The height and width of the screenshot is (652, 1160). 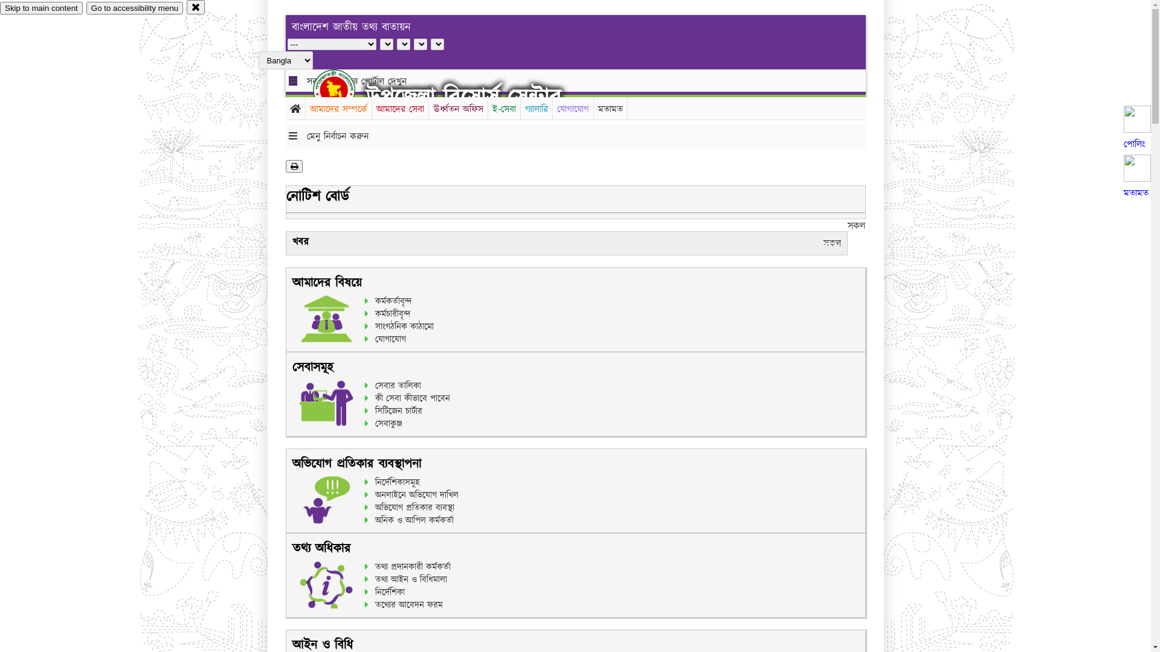 What do you see at coordinates (41, 8) in the screenshot?
I see `'Skip to main content'` at bounding box center [41, 8].